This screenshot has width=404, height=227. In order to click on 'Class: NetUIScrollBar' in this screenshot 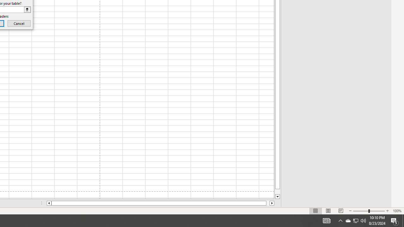, I will do `click(160, 203)`.